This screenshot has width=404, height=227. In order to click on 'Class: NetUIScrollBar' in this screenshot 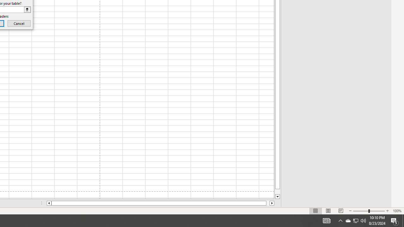, I will do `click(160, 203)`.